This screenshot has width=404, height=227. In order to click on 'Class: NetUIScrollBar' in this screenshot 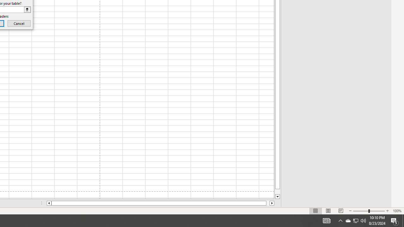, I will do `click(160, 203)`.